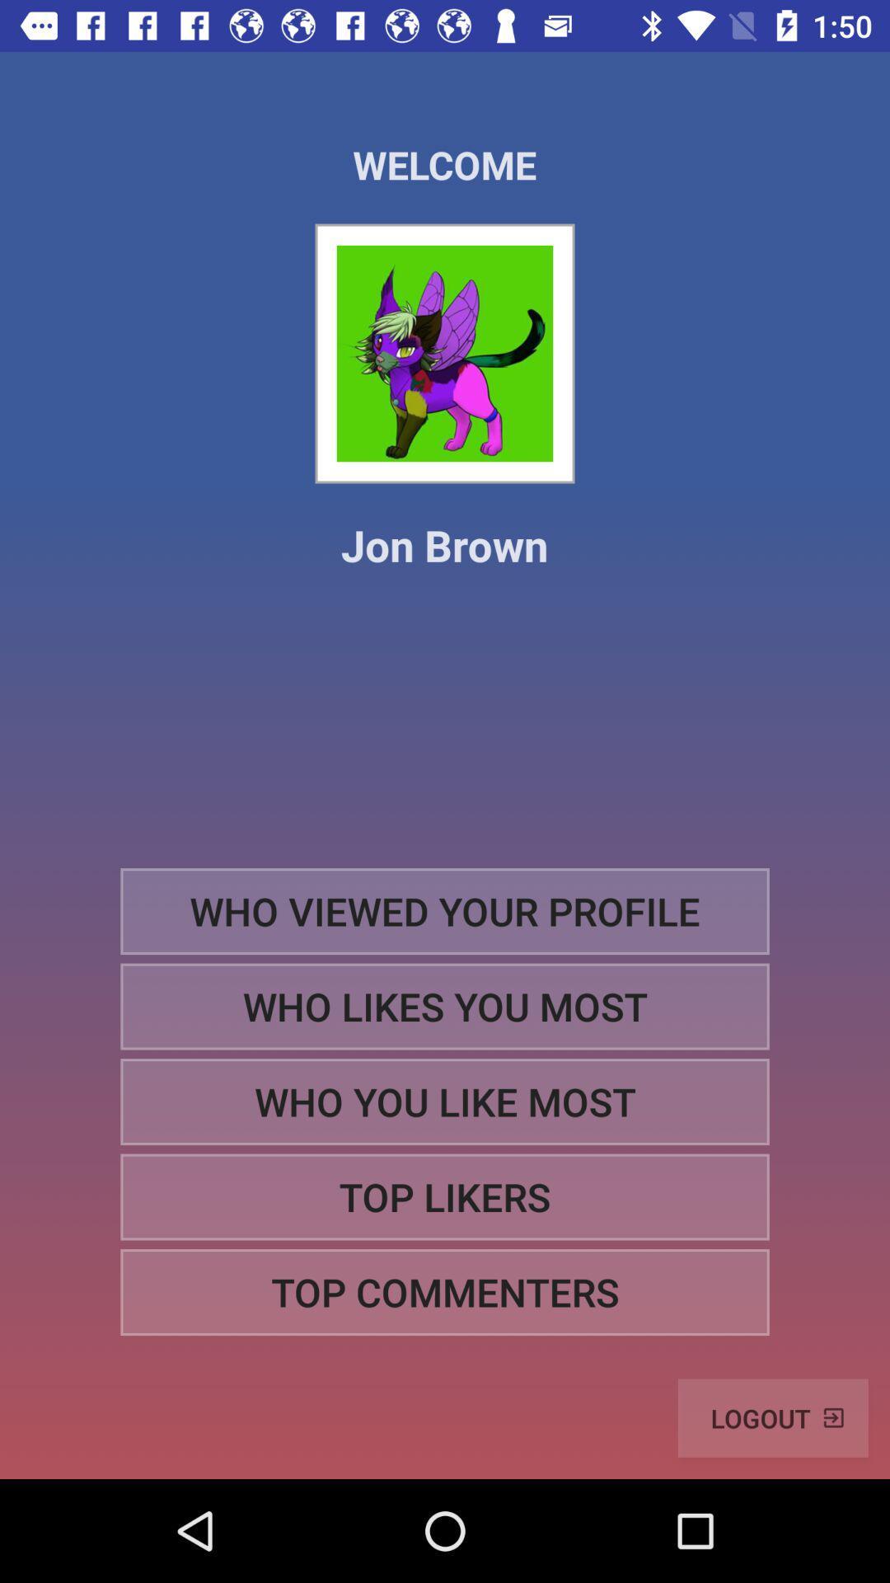 This screenshot has width=890, height=1583. What do you see at coordinates (445, 1197) in the screenshot?
I see `the top likers item` at bounding box center [445, 1197].